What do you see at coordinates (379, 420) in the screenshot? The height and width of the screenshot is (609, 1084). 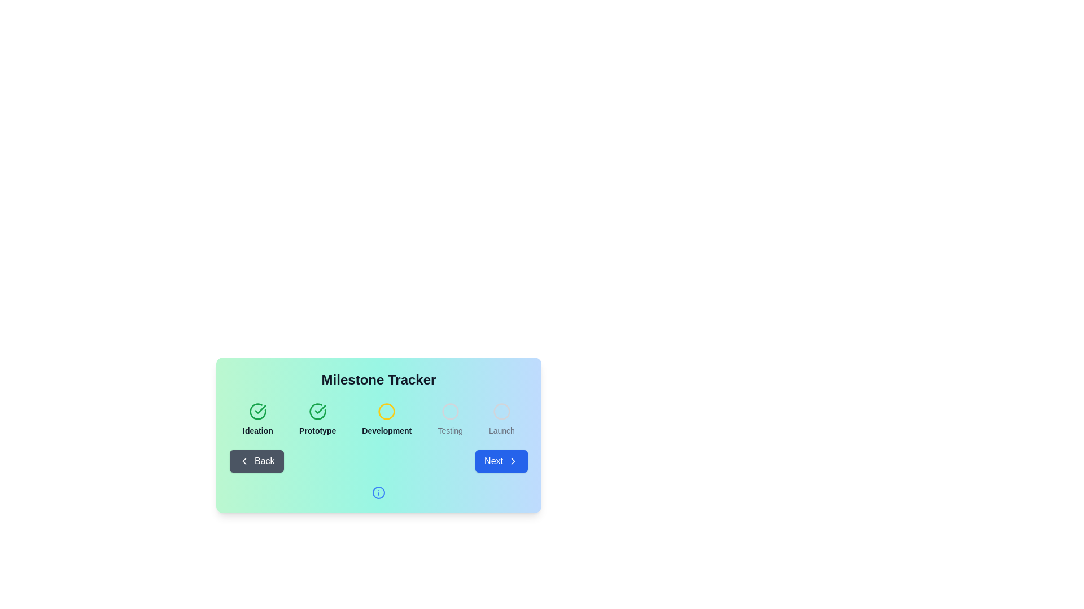 I see `the labels of the Progress tracker located beneath the 'Milestone Tracker' title` at bounding box center [379, 420].